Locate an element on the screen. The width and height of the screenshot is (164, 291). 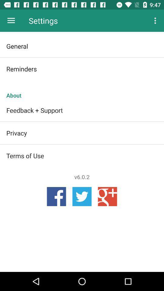
the privacy item is located at coordinates (82, 133).